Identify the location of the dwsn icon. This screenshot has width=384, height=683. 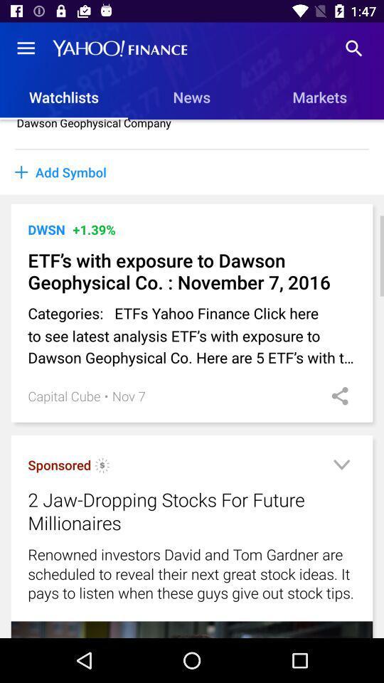
(46, 229).